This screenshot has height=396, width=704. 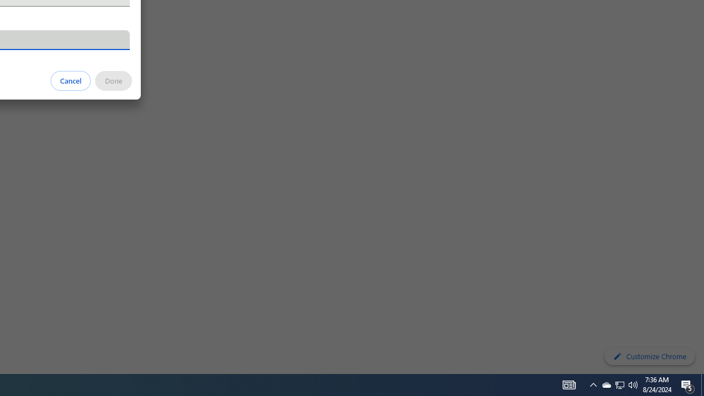 What do you see at coordinates (70, 80) in the screenshot?
I see `'Cancel'` at bounding box center [70, 80].